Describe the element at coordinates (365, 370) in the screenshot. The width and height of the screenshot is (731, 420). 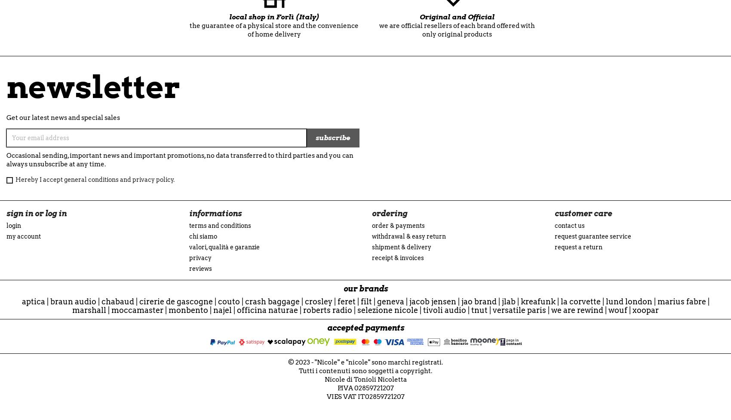
I see `'Tutti i contenuti sono soggetti a copyright.'` at that location.